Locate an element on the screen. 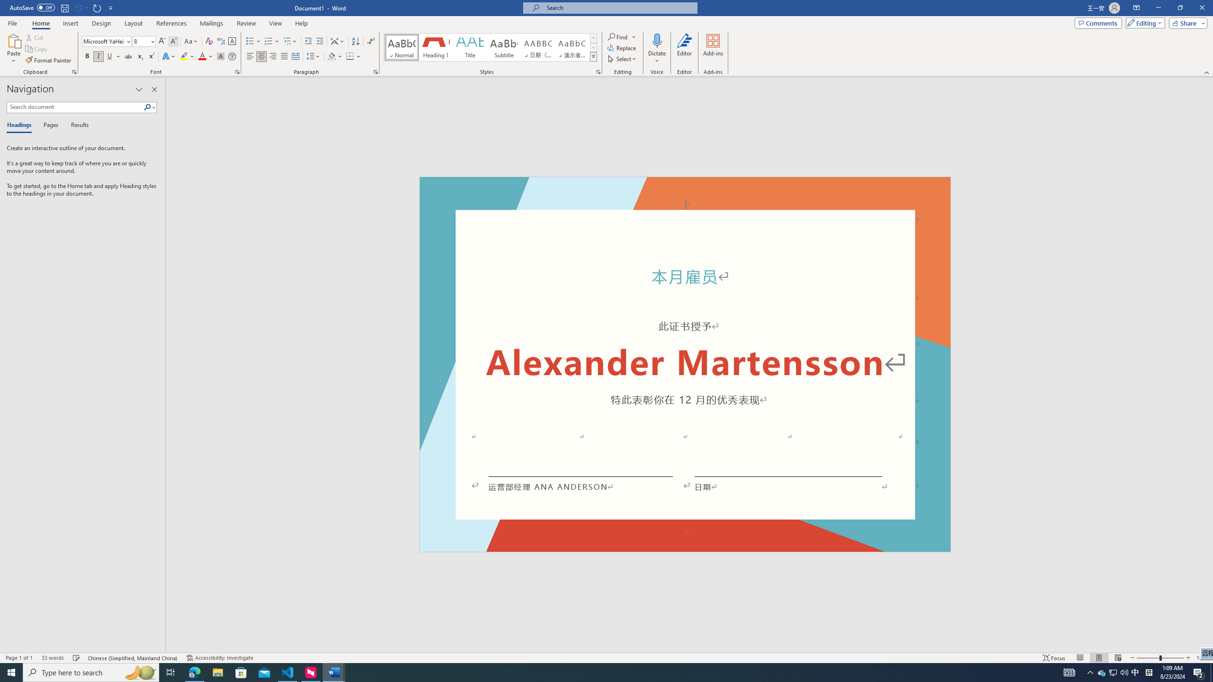 This screenshot has width=1213, height=682. 'Header -Section 1-' is located at coordinates (685, 187).